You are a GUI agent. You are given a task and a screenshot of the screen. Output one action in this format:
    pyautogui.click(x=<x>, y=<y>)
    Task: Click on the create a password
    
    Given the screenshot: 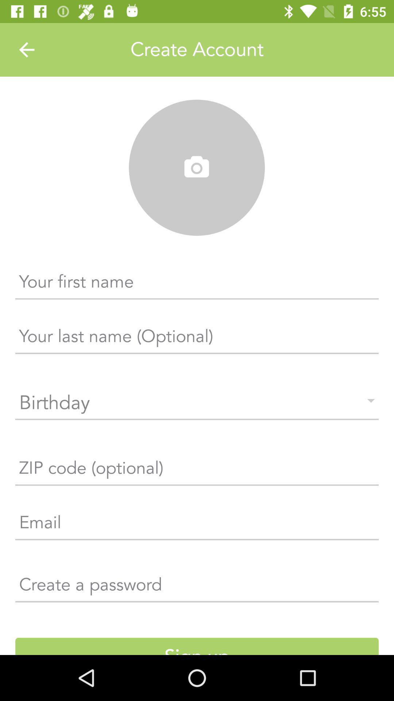 What is the action you would take?
    pyautogui.click(x=197, y=587)
    